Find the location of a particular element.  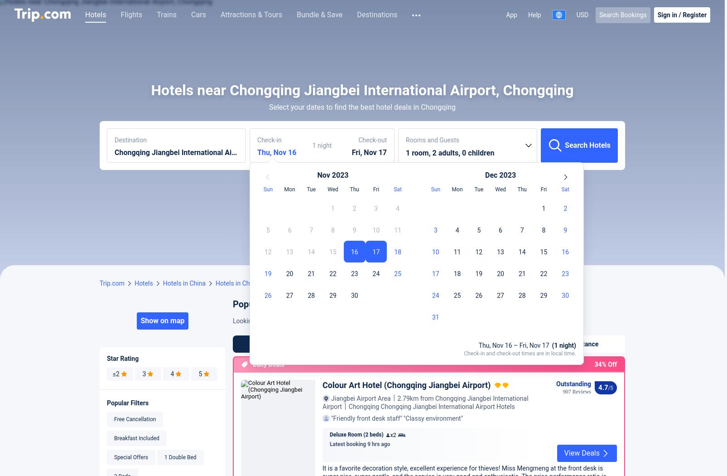

'USD' is located at coordinates (582, 15).